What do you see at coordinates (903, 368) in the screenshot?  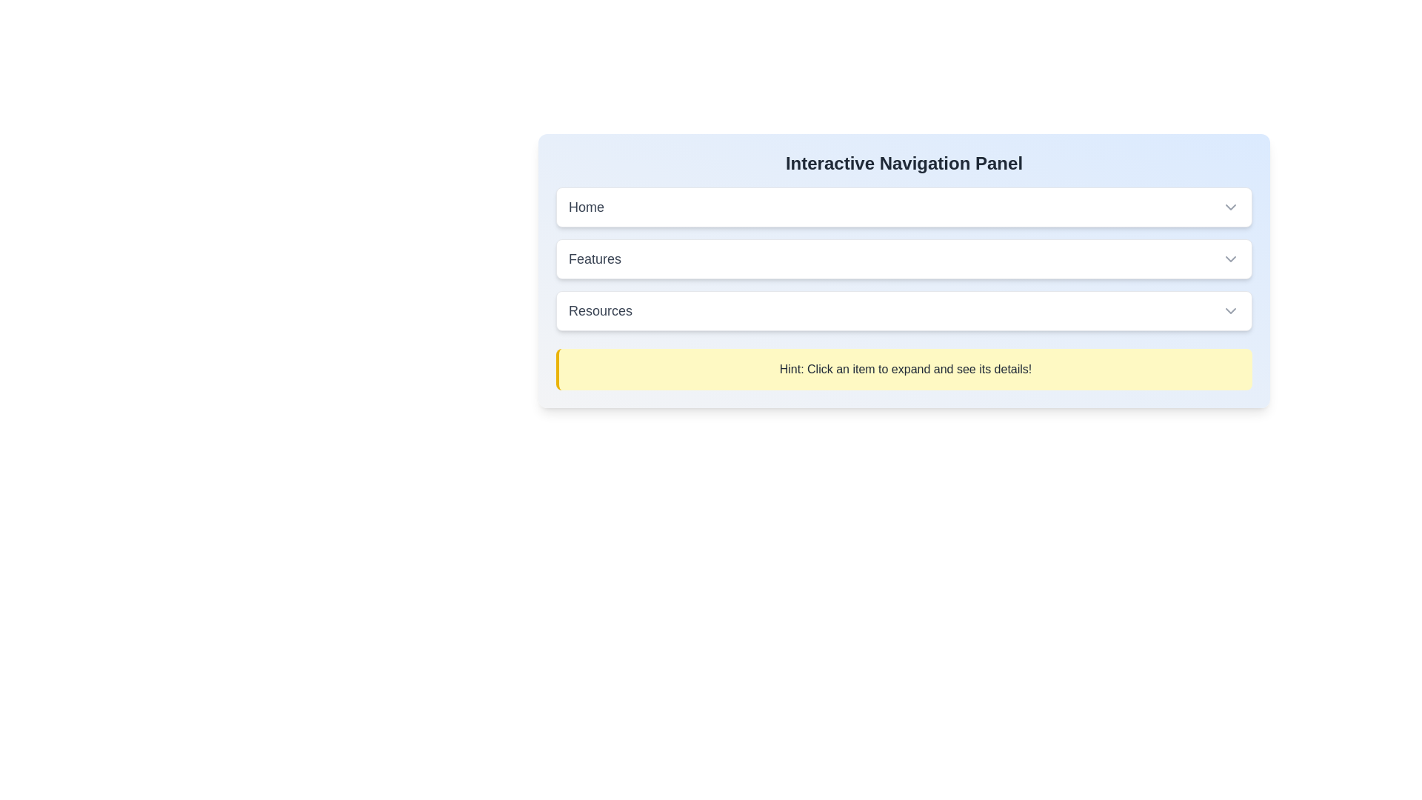 I see `the informational panel or tooltip located at the bottom of the layout, below the 'Resources' section, which provides instructions for user interaction` at bounding box center [903, 368].